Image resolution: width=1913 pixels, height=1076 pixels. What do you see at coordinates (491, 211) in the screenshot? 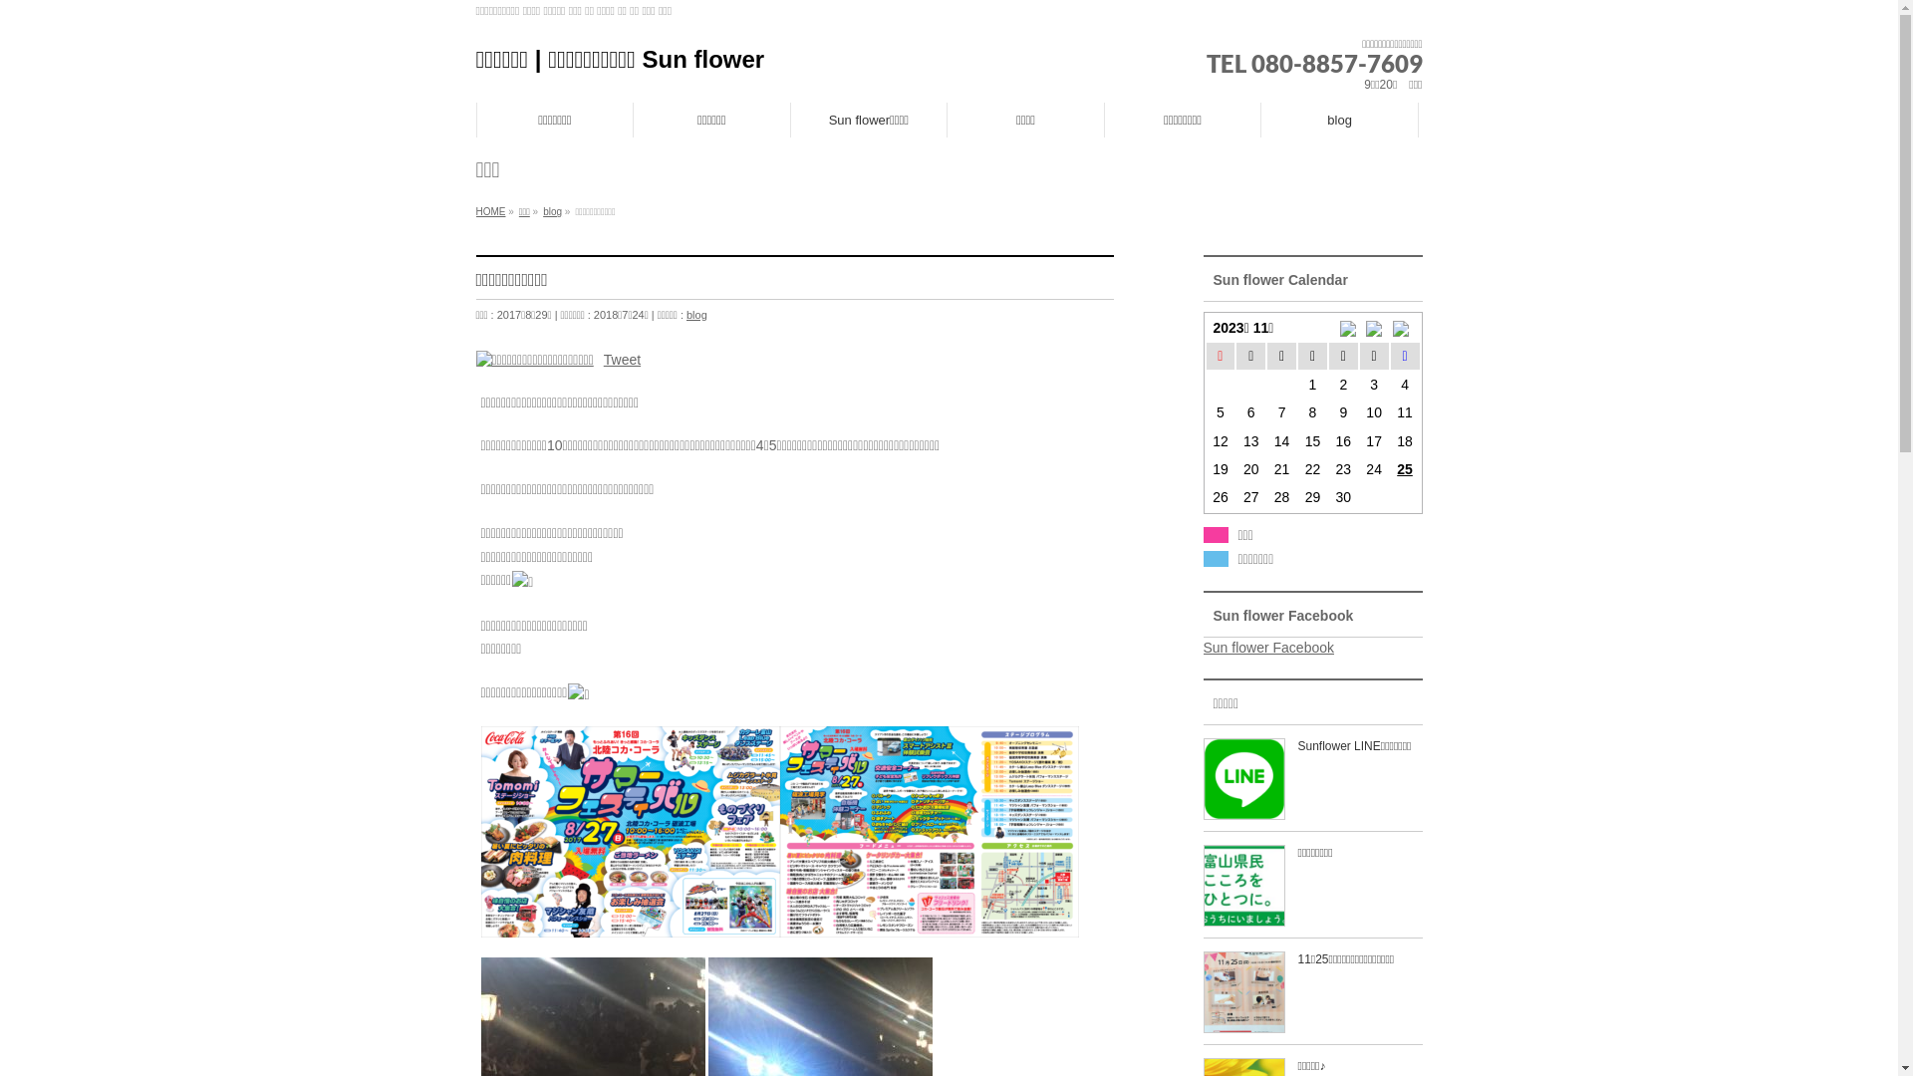
I see `'HOME'` at bounding box center [491, 211].